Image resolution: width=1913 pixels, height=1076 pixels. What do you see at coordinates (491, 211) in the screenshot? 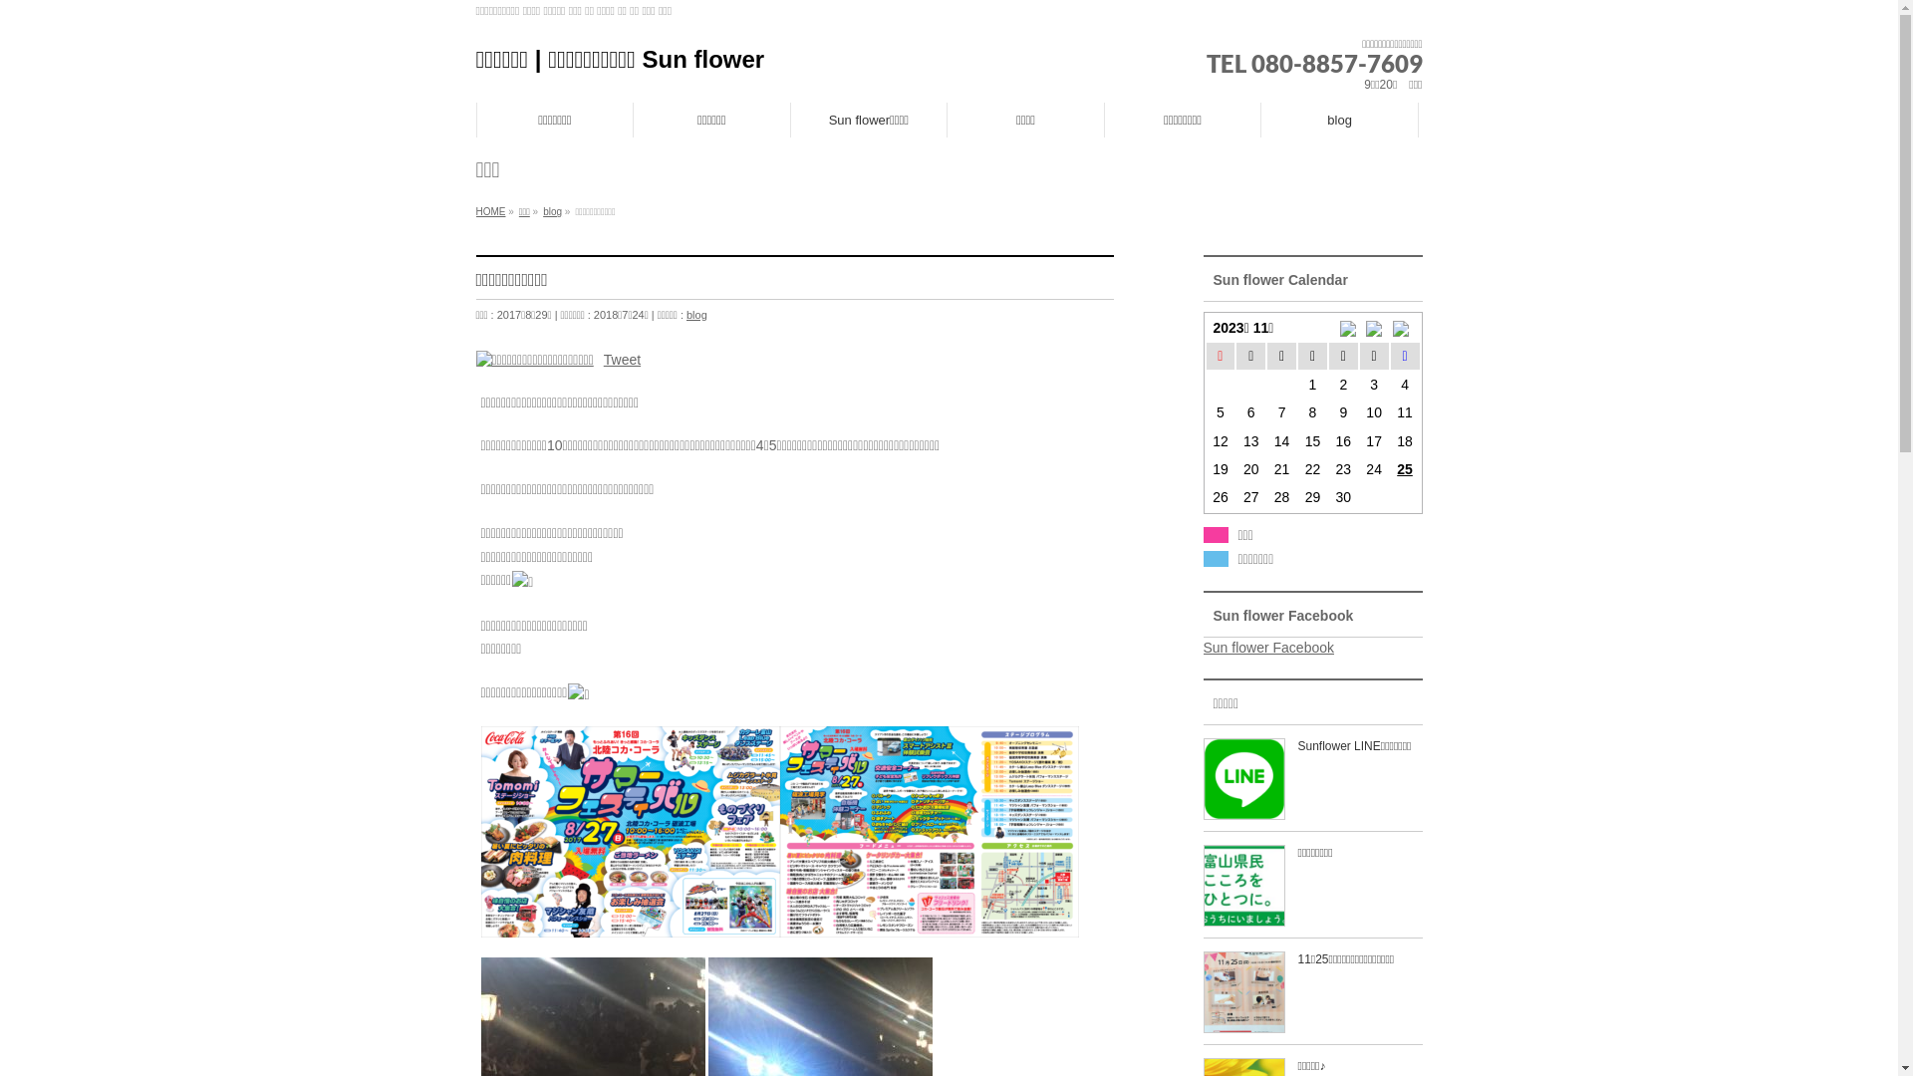
I see `'HOME'` at bounding box center [491, 211].